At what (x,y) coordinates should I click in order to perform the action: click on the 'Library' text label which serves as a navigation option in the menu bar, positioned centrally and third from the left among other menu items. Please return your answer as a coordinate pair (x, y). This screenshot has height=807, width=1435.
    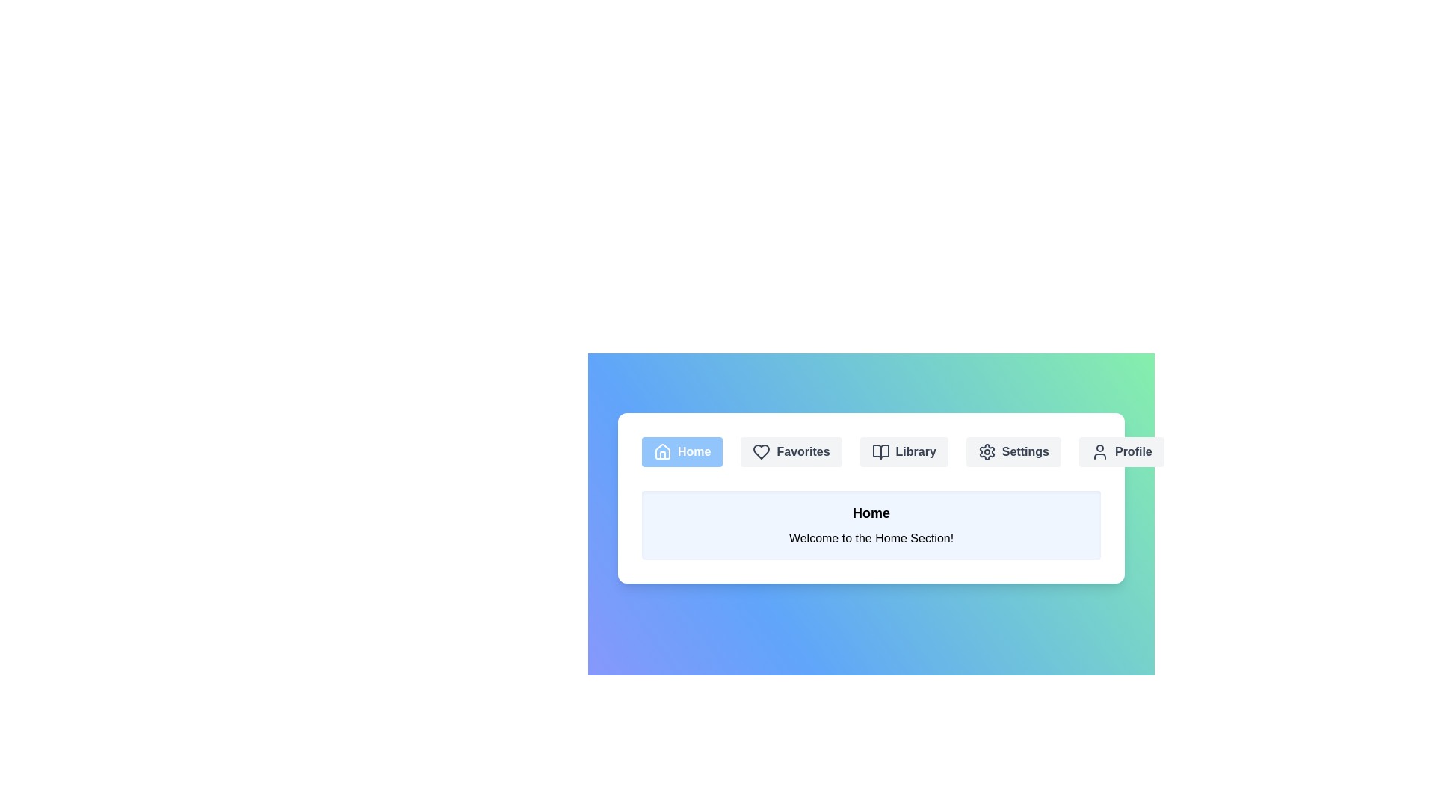
    Looking at the image, I should click on (915, 451).